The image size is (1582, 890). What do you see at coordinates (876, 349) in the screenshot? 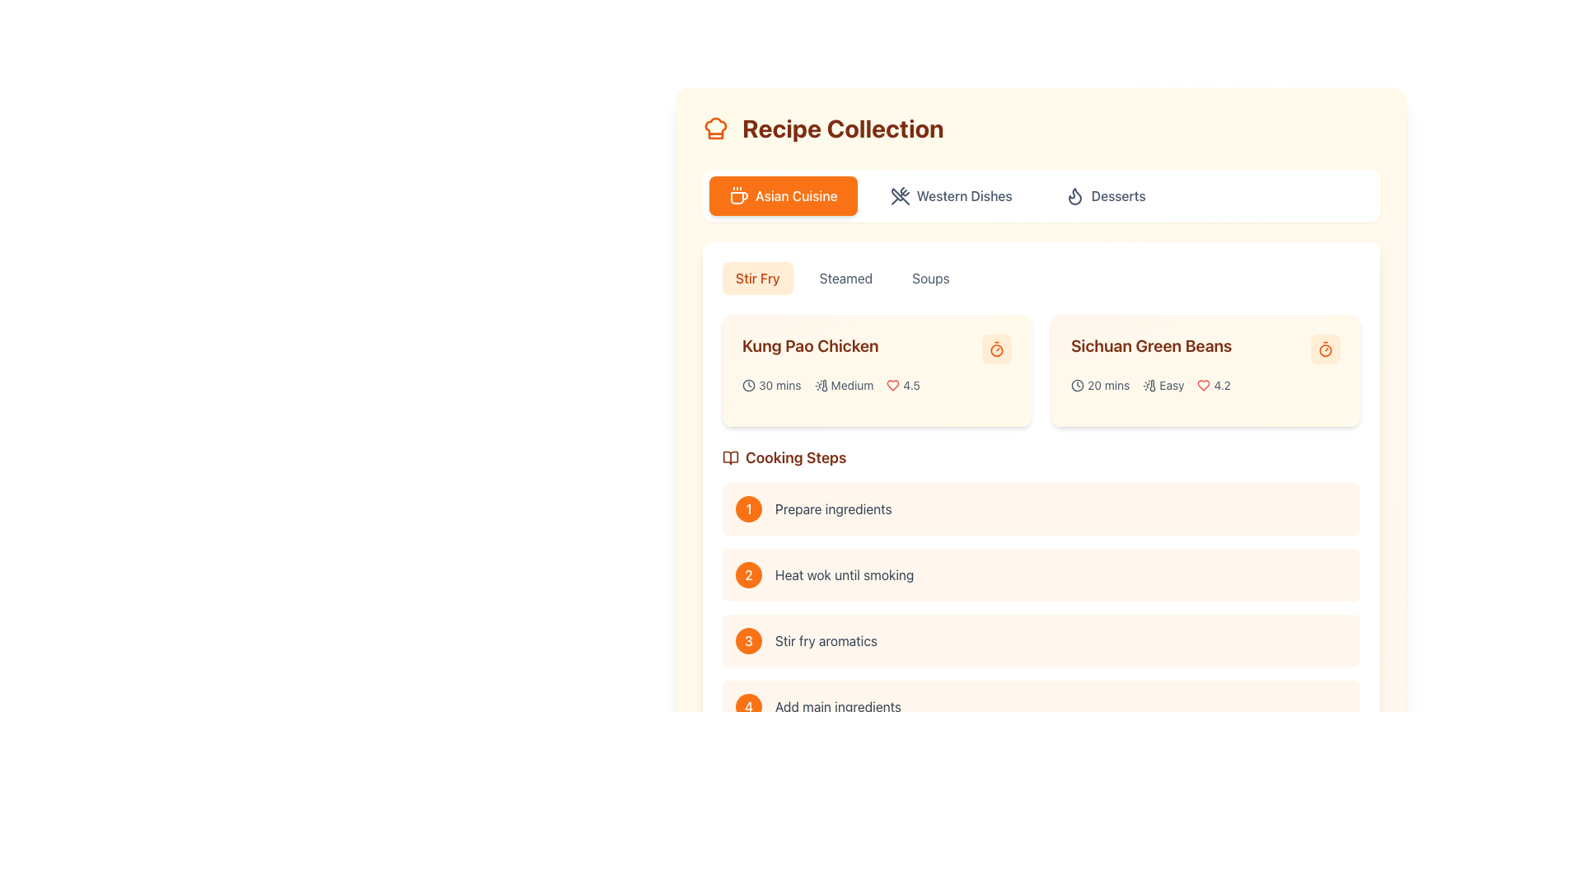
I see `the text label displaying the recipe name 'Kung Pao Chicken'` at bounding box center [876, 349].